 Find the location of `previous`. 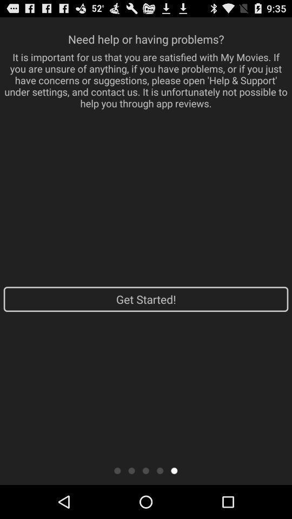

previous is located at coordinates (131, 470).